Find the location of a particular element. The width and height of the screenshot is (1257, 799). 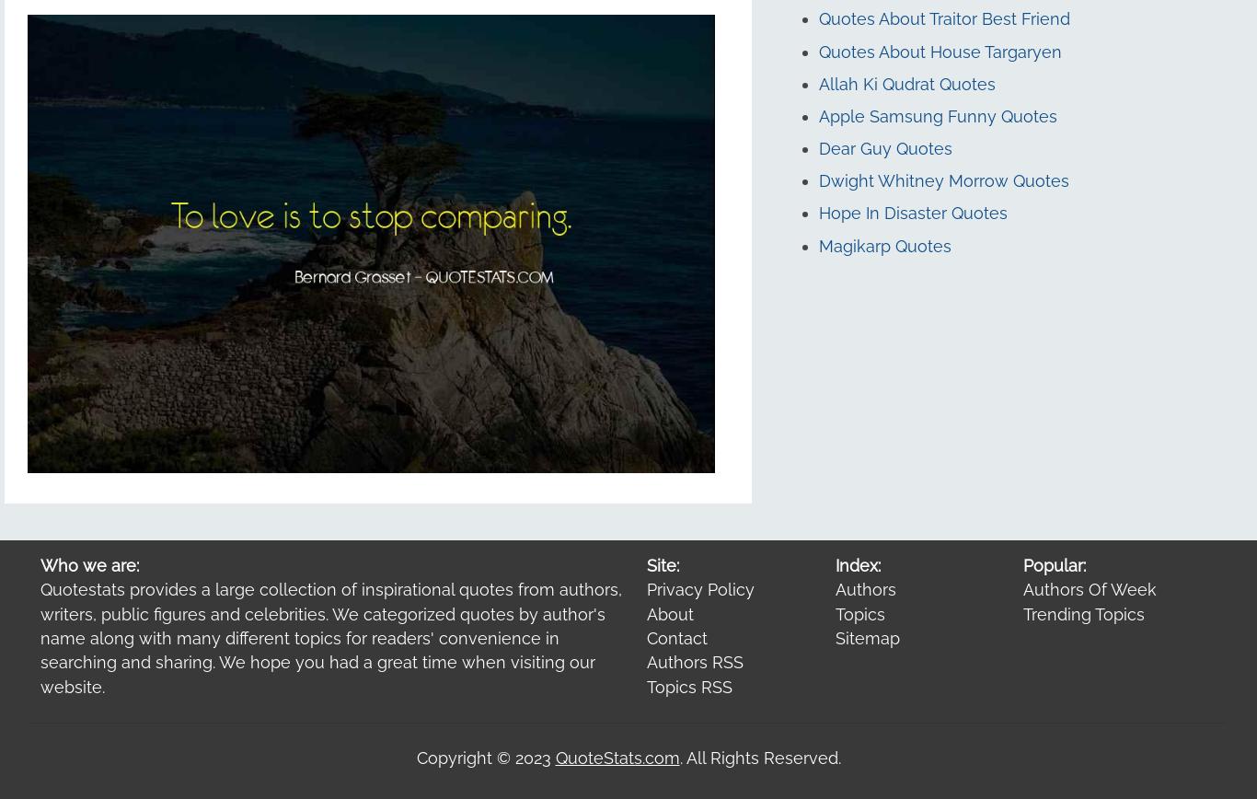

'About' is located at coordinates (670, 613).